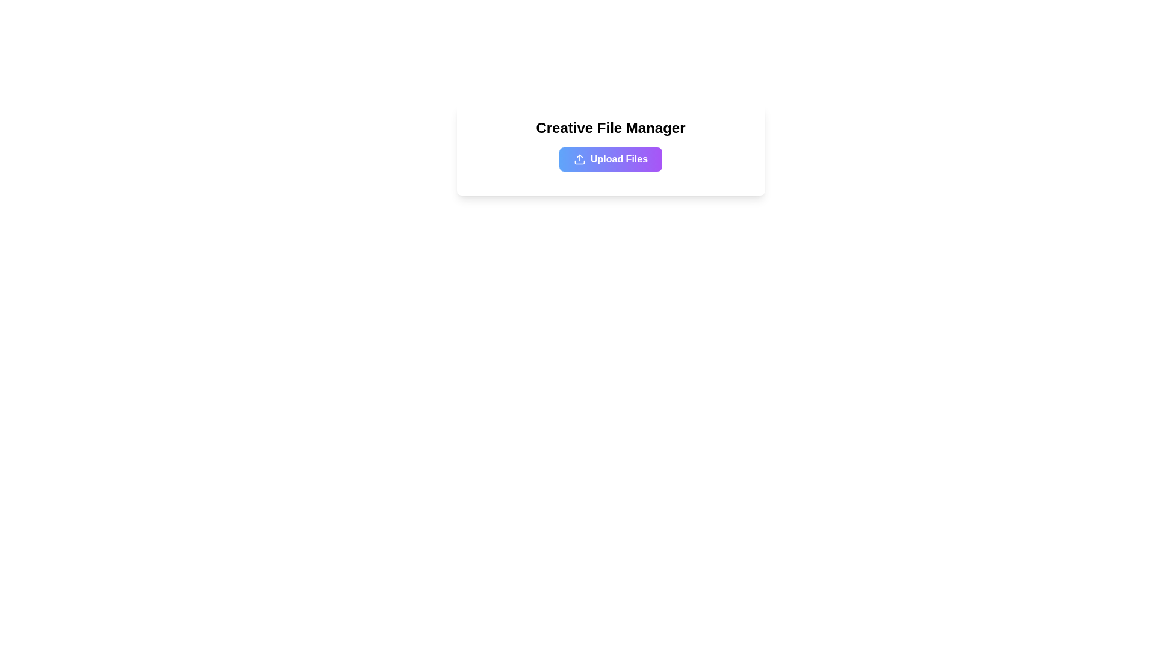 The height and width of the screenshot is (650, 1156). What do you see at coordinates (611, 159) in the screenshot?
I see `the button located below the title 'Creative File Manager' to change its gradient style` at bounding box center [611, 159].